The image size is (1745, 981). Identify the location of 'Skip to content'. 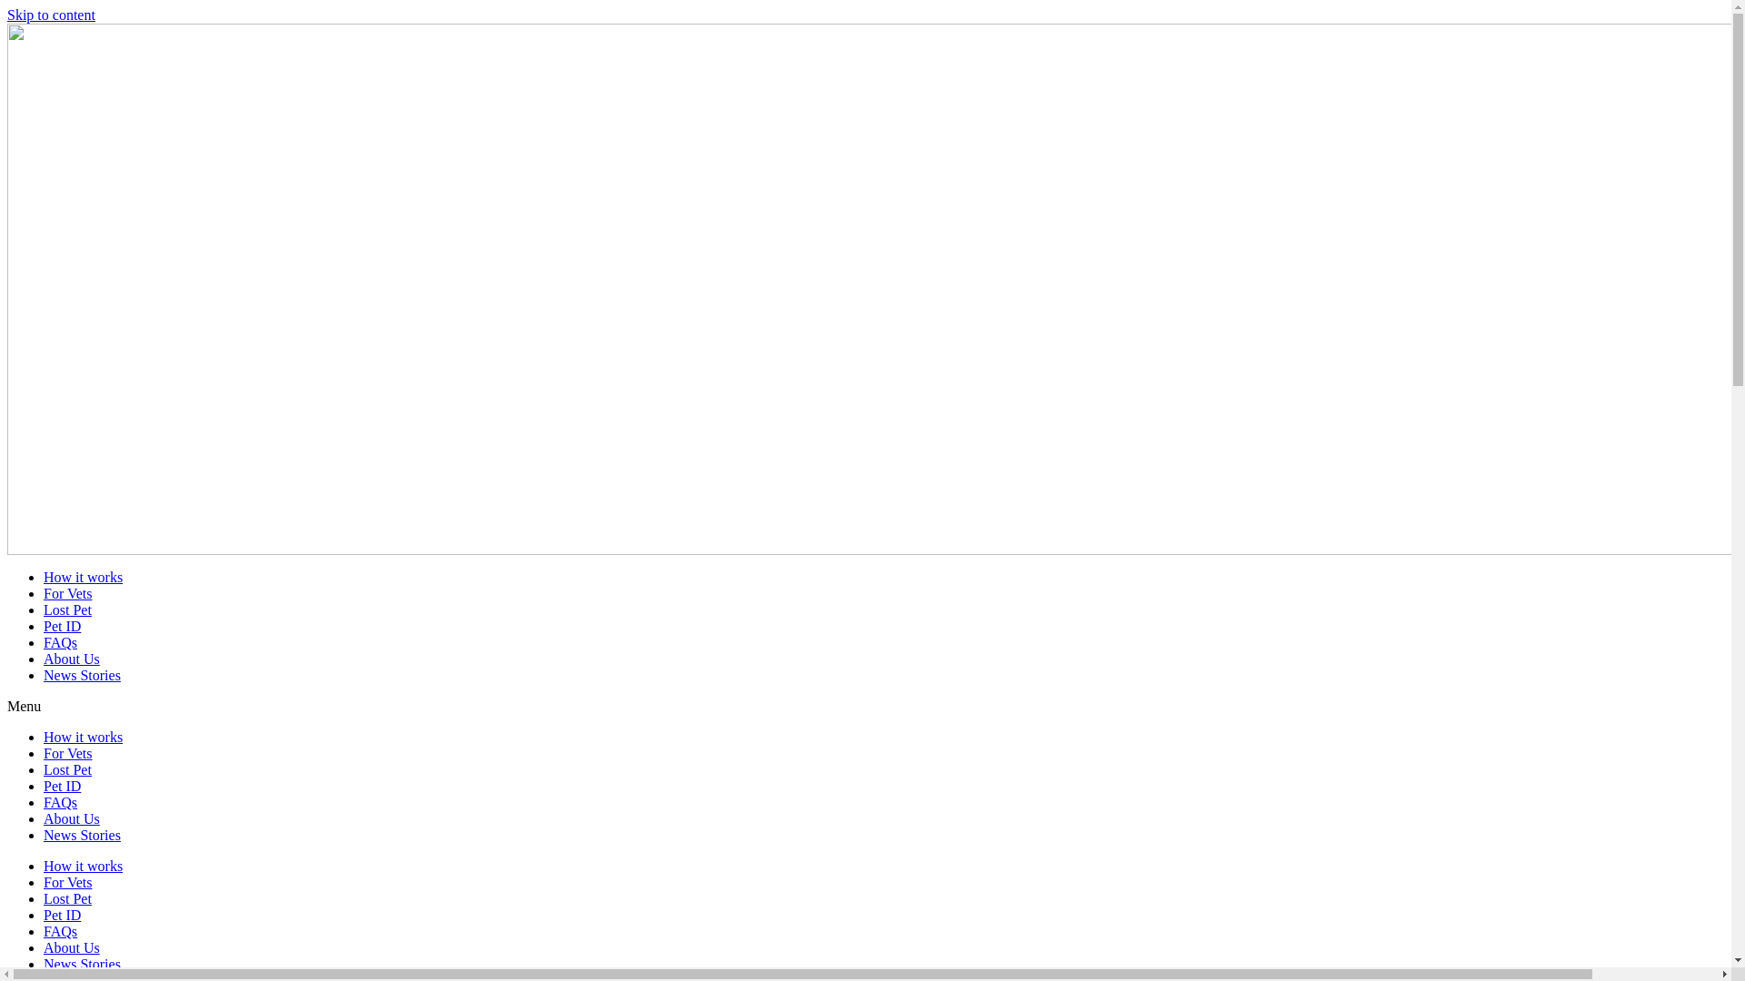
(51, 15).